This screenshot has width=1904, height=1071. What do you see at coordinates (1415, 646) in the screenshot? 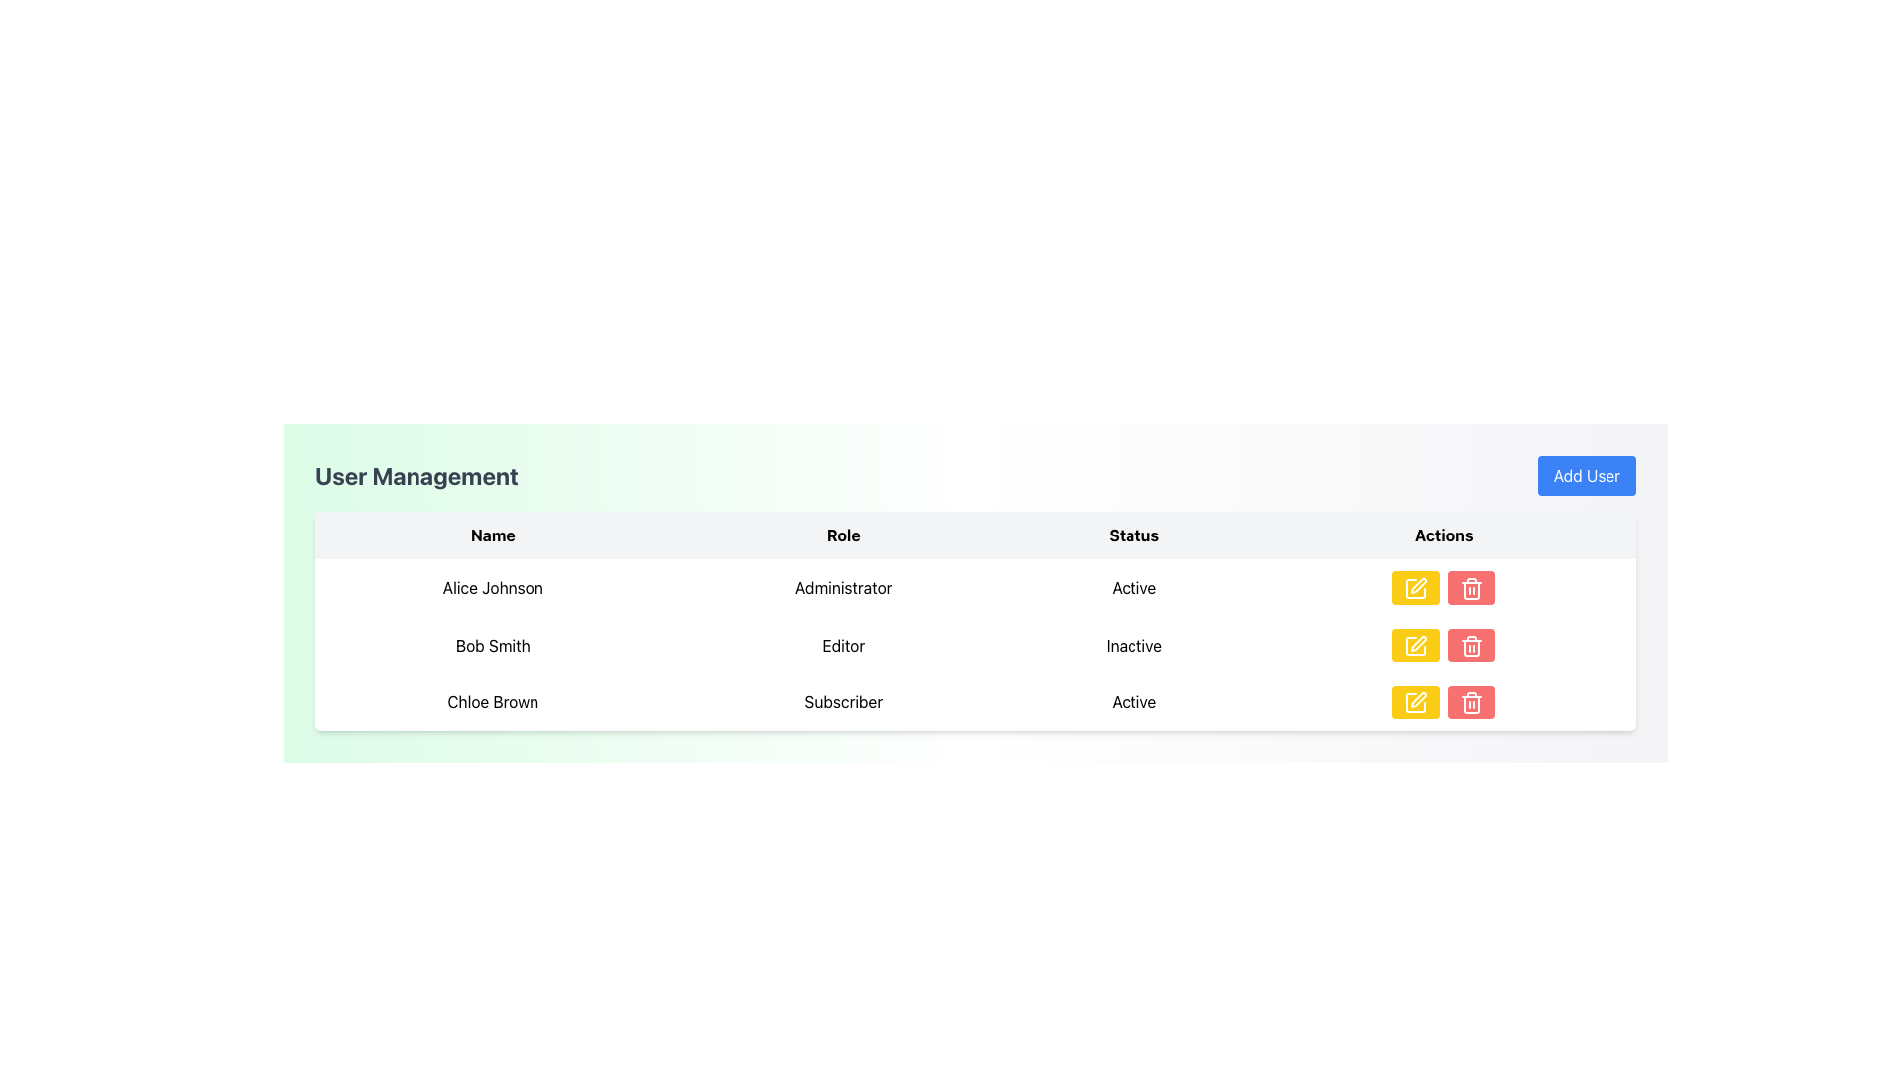
I see `the yellow edit button with a pen icon located in the second row of the 'Actions' column` at bounding box center [1415, 646].